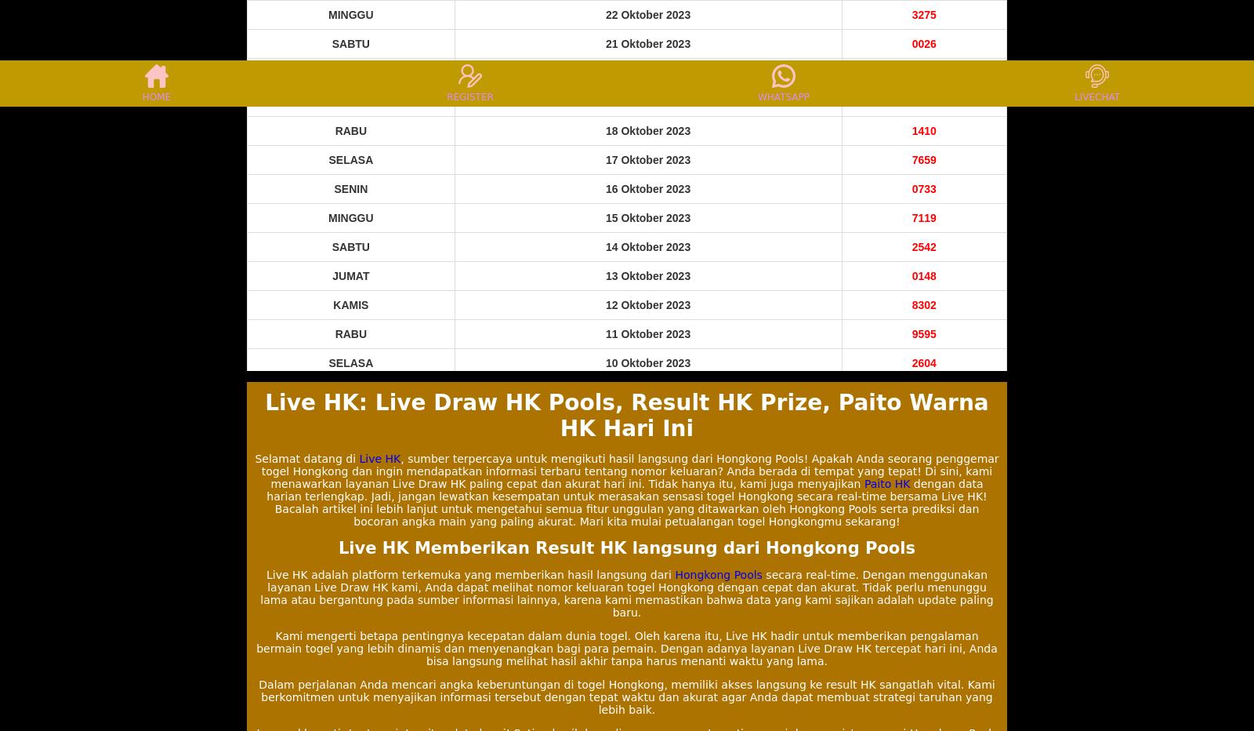  I want to click on 'Hongkong Pools', so click(717, 574).